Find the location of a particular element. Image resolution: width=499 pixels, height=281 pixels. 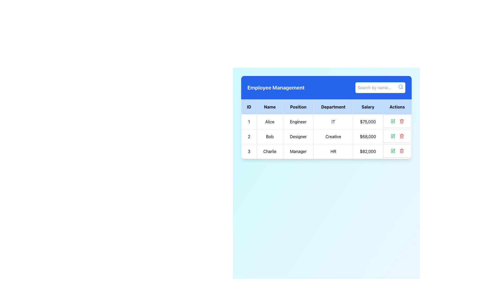

the edit icon in the 'Actions' column for the record of 'Bob, Designer, Creative' is located at coordinates (393, 120).